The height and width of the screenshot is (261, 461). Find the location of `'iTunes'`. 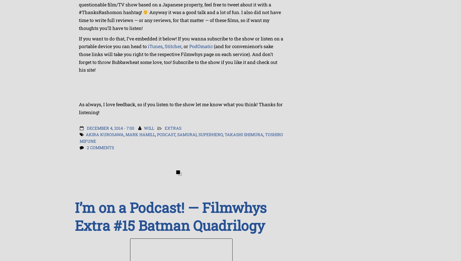

'iTunes' is located at coordinates (148, 46).